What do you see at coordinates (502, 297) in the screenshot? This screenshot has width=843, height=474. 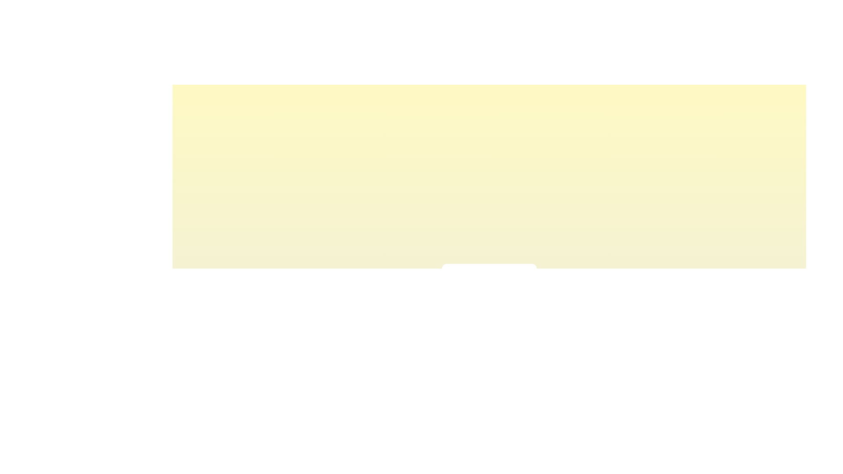 I see `the light intensity to 67% by dragging the slider` at bounding box center [502, 297].